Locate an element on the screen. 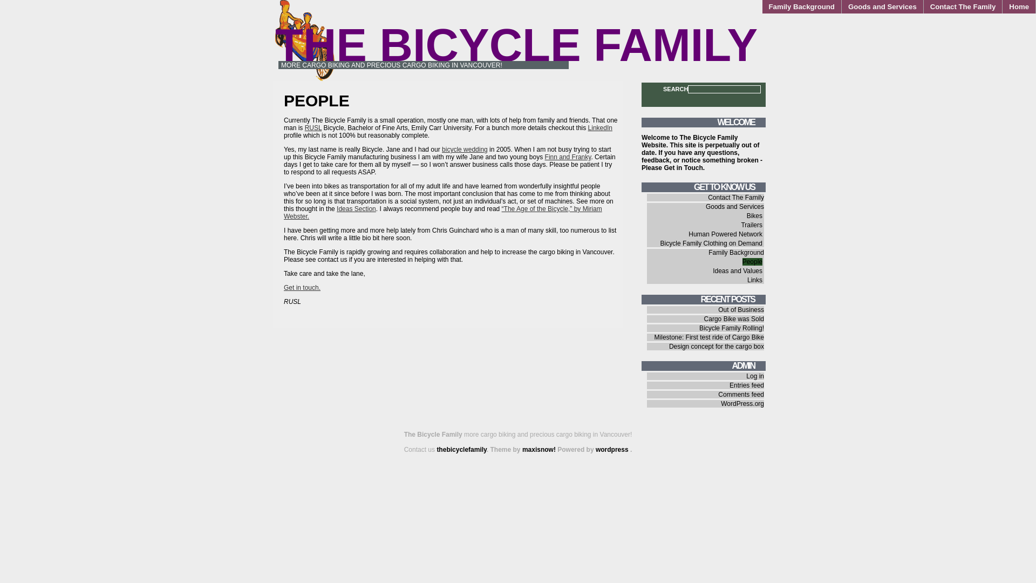 Image resolution: width=1036 pixels, height=583 pixels. 'Goods and Services' is located at coordinates (734, 206).